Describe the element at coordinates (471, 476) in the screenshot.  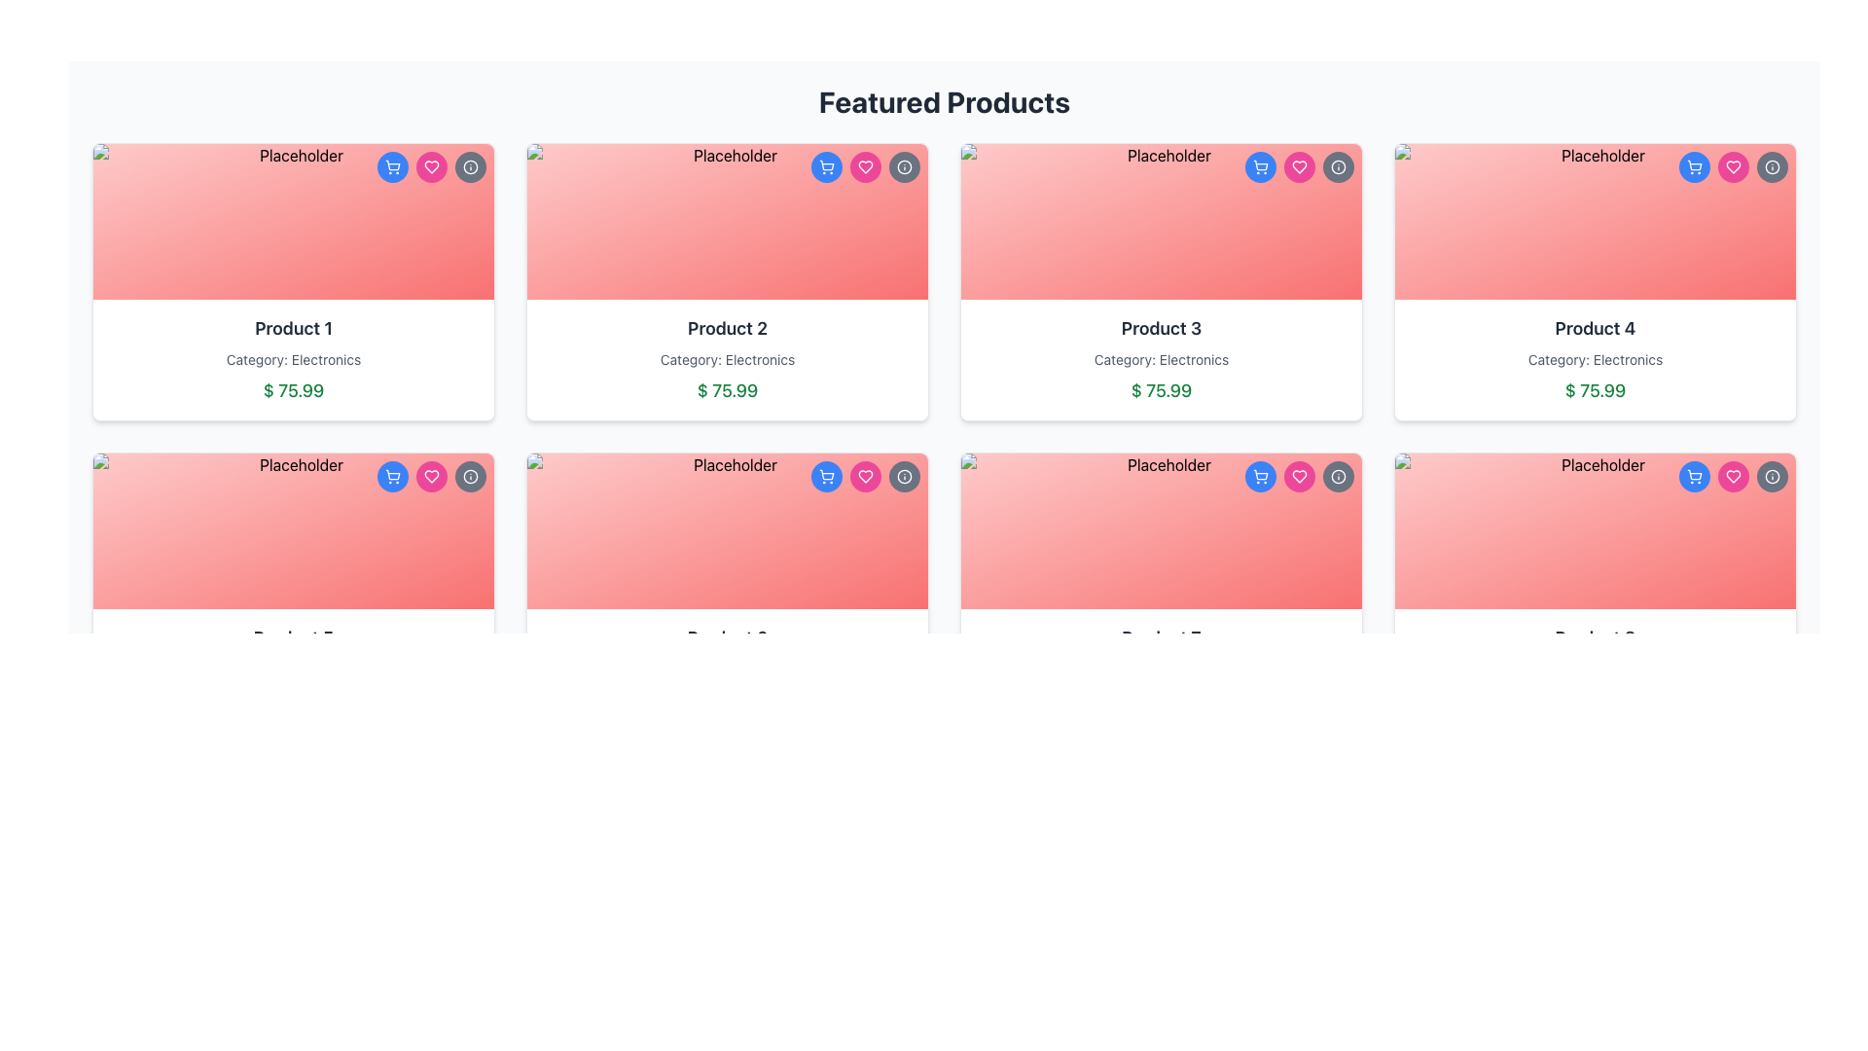
I see `SVG Circle element located in the top-right section of the product card, which is a circular component with a 10-pixel radius` at that location.